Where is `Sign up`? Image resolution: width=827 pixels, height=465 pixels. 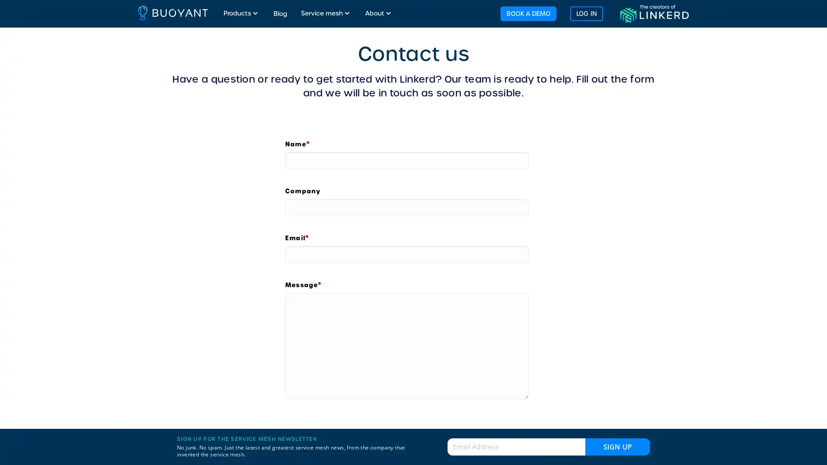
Sign up is located at coordinates (617, 446).